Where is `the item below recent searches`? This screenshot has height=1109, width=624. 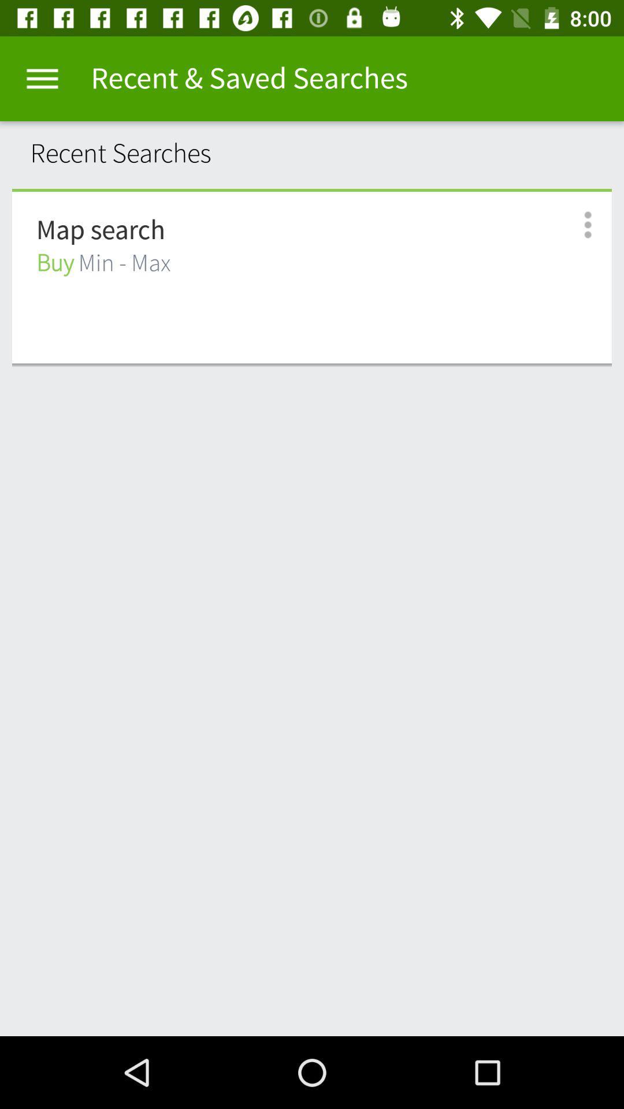 the item below recent searches is located at coordinates (312, 190).